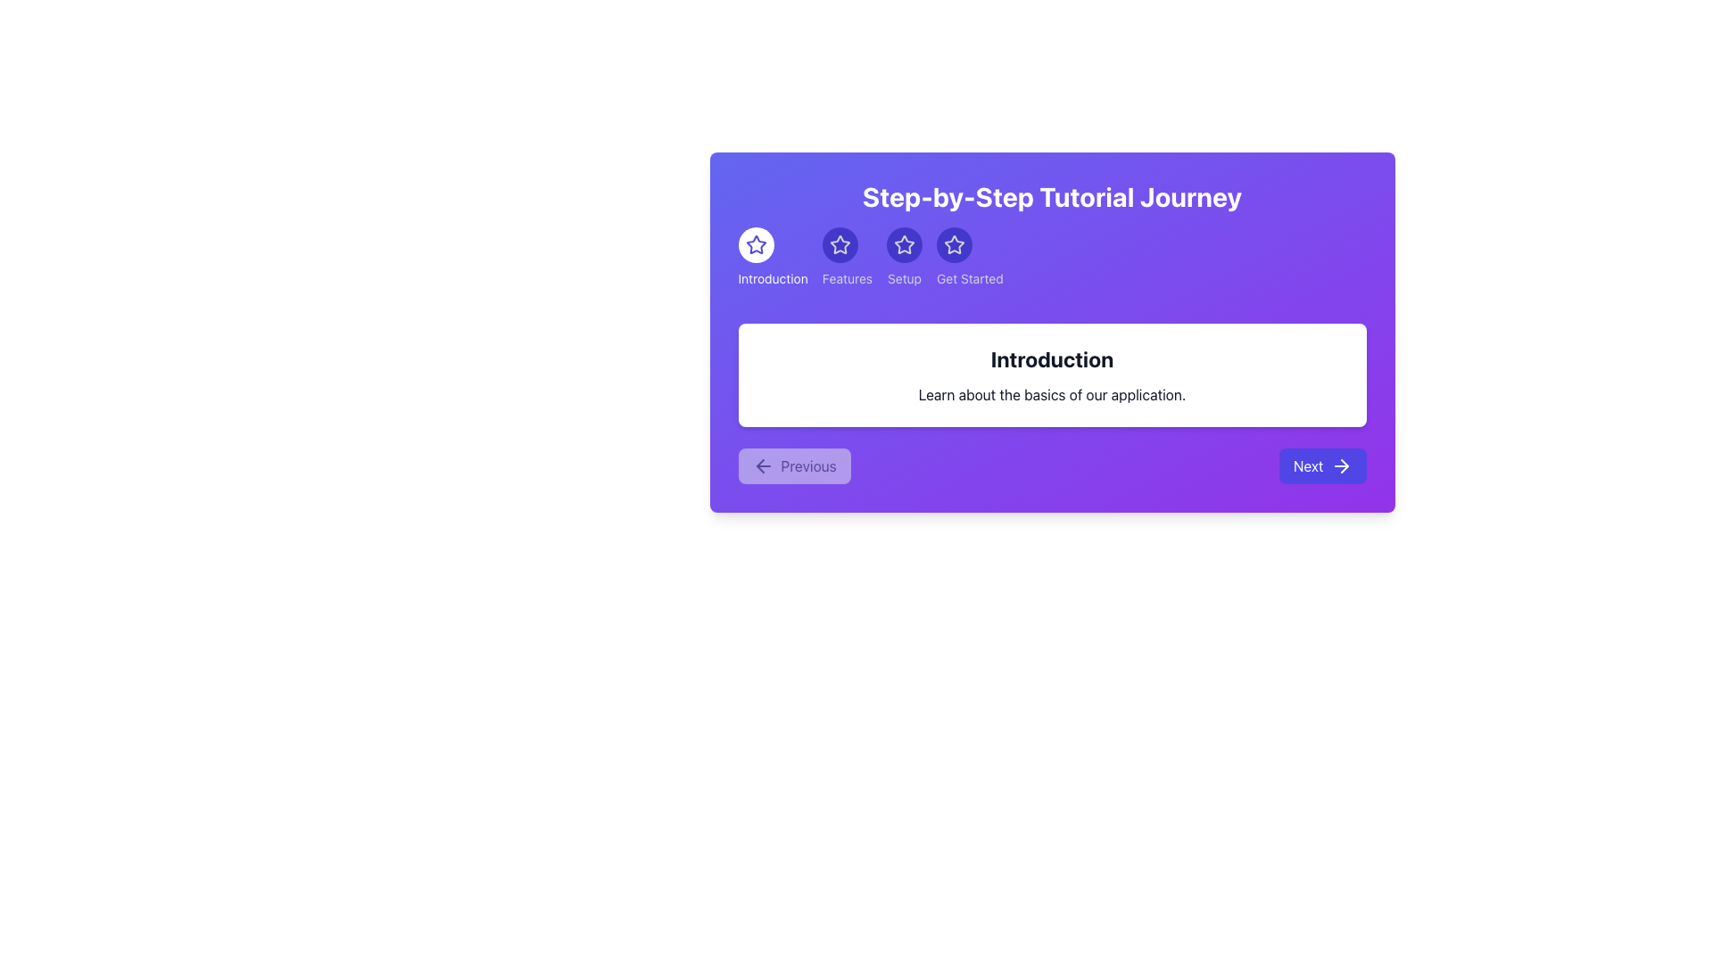  Describe the element at coordinates (905, 244) in the screenshot. I see `the star icon labeled 'Setup' which indicates the current step in the tutorial interface` at that location.